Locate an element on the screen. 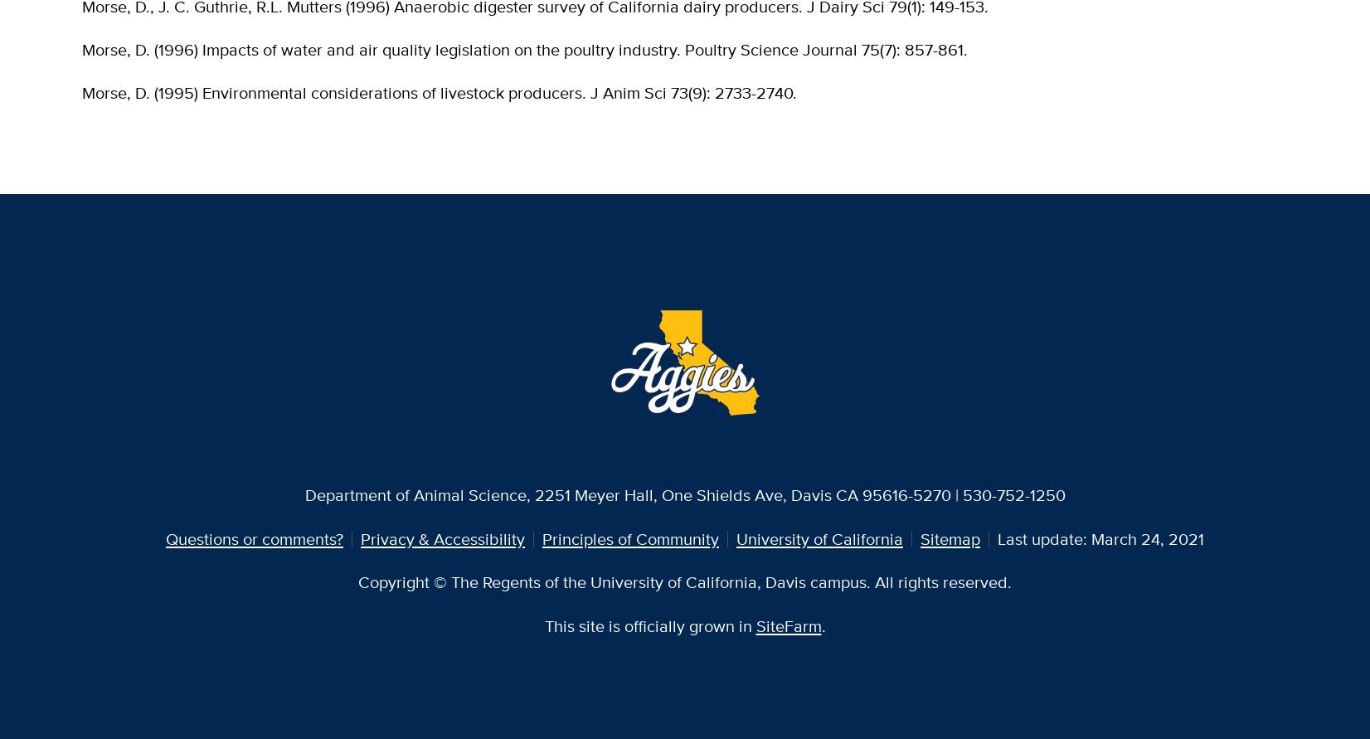 The image size is (1370, 739). 'Copyright © The Regents of the University of California, Davis campus. All rights reserved.' is located at coordinates (685, 581).